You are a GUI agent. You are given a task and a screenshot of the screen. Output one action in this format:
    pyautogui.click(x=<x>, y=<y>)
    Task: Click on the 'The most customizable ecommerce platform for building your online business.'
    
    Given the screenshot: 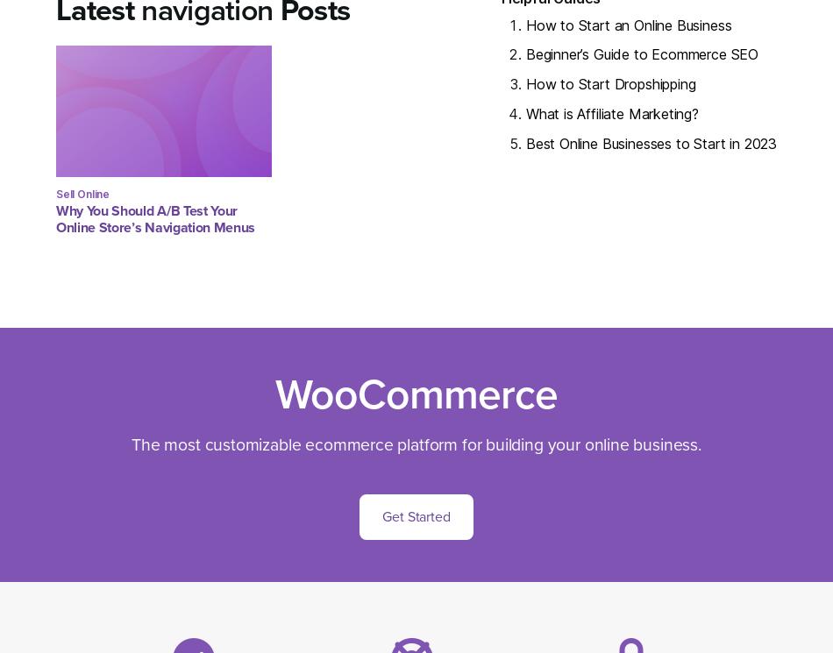 What is the action you would take?
    pyautogui.click(x=415, y=445)
    